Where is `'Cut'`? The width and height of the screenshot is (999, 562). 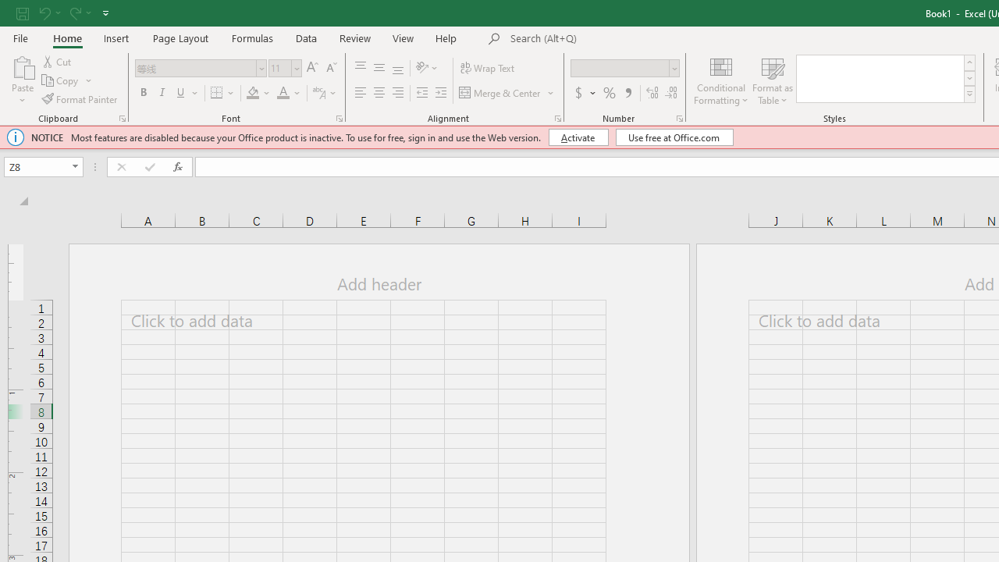 'Cut' is located at coordinates (58, 61).